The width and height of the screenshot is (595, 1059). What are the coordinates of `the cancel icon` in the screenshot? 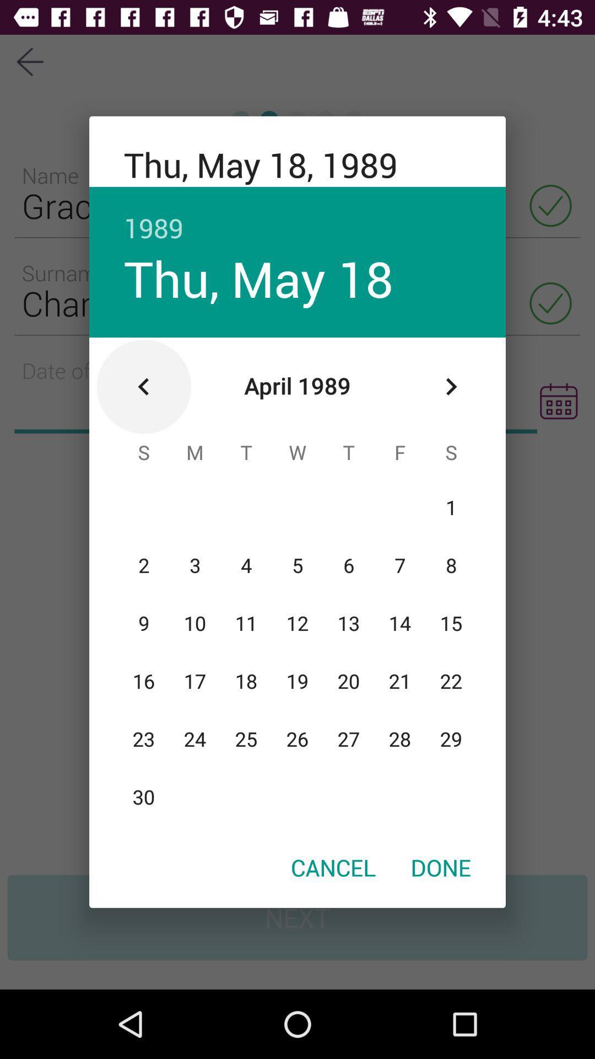 It's located at (333, 867).